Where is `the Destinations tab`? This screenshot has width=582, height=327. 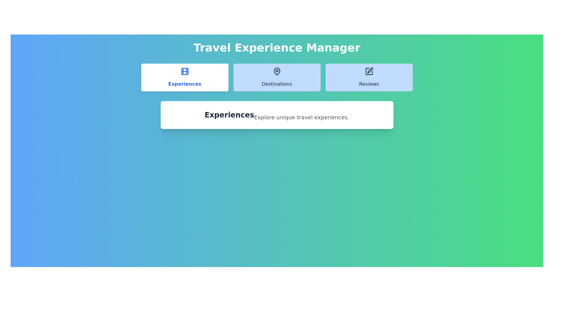
the Destinations tab is located at coordinates (276, 77).